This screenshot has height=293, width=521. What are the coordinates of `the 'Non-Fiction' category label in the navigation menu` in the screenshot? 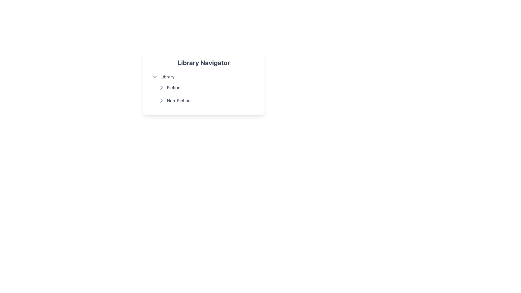 It's located at (179, 100).